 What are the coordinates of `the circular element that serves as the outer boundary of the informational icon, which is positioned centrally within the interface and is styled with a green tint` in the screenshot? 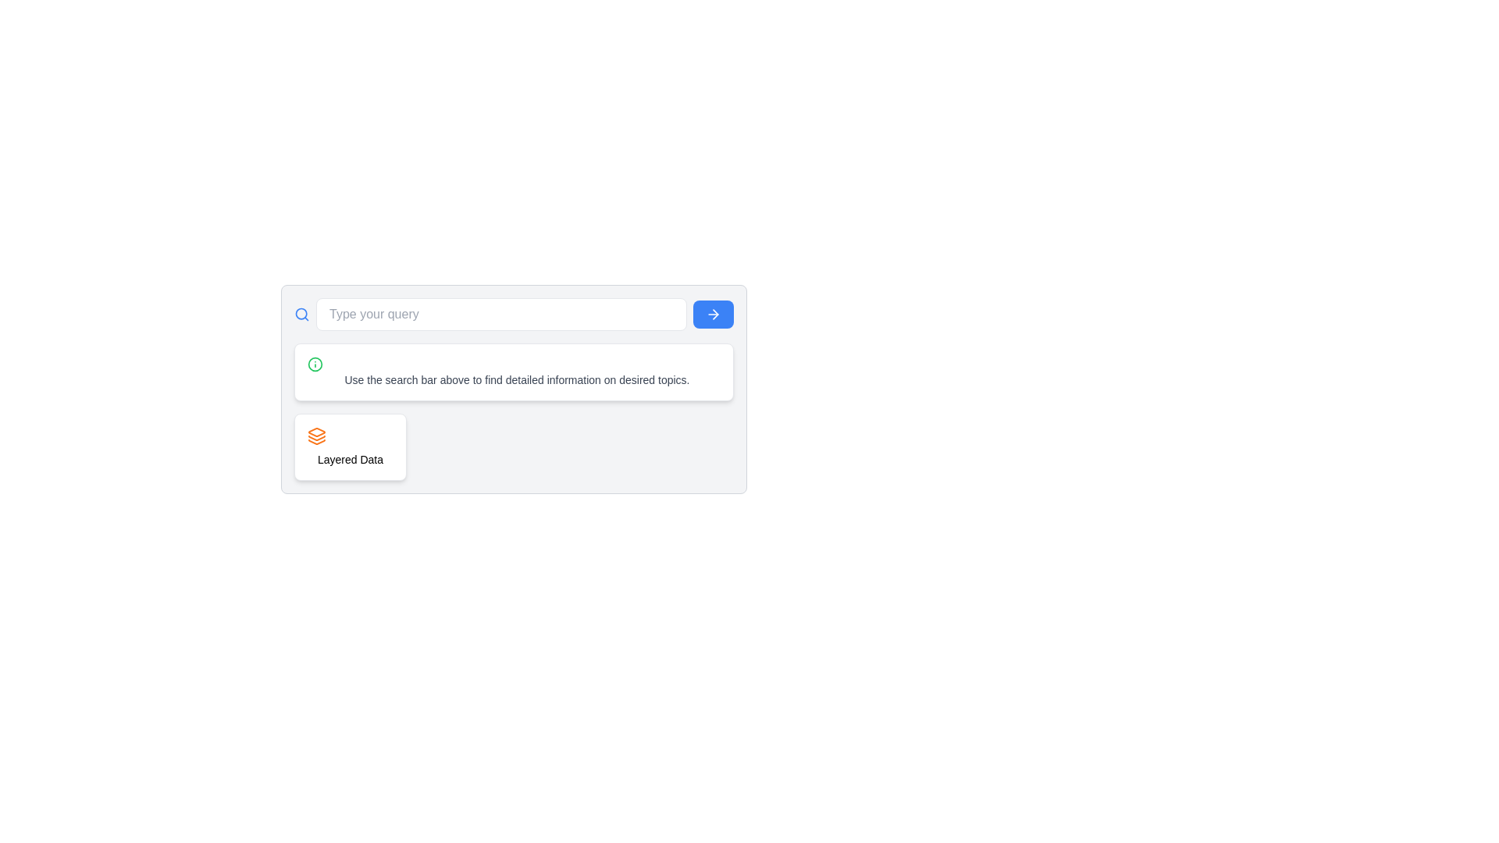 It's located at (314, 364).